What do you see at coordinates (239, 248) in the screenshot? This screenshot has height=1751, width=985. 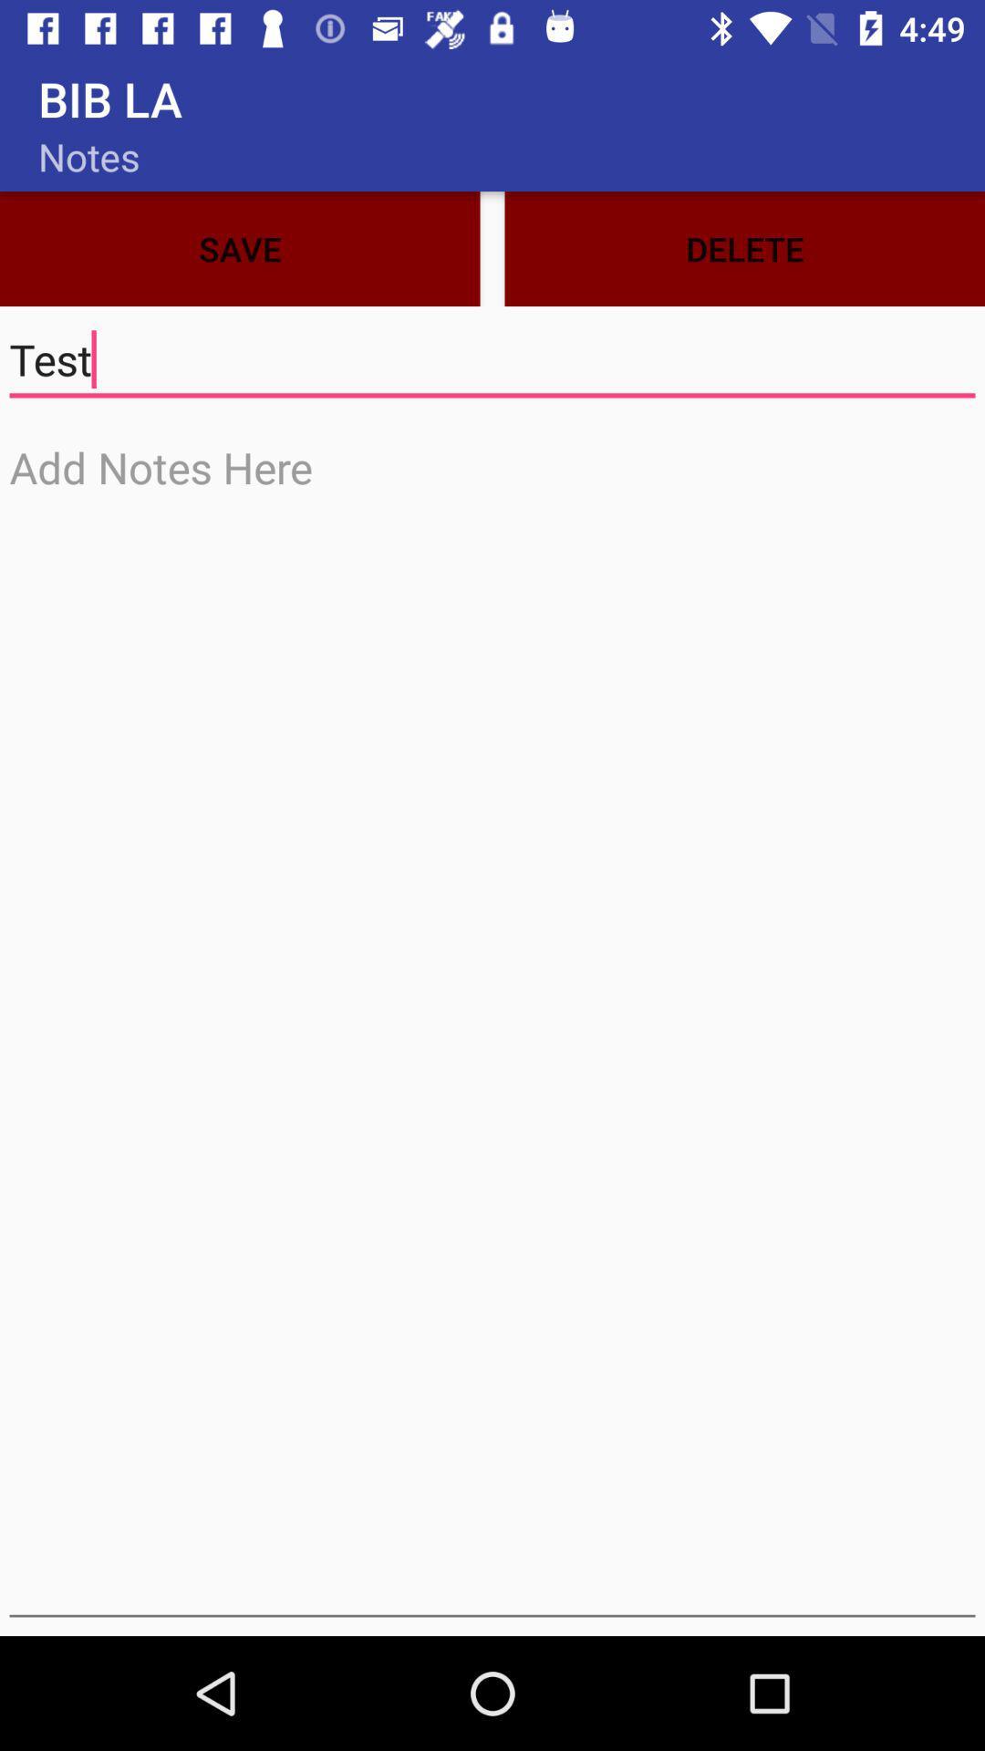 I see `the icon below notes icon` at bounding box center [239, 248].